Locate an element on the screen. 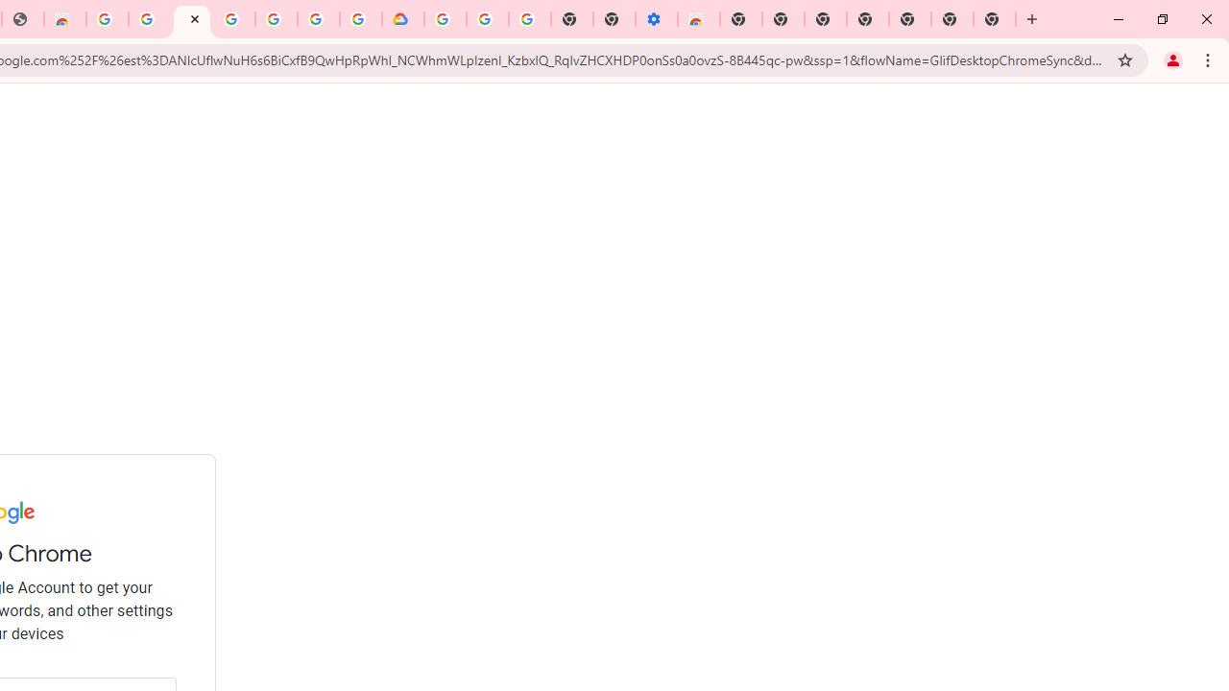 This screenshot has height=691, width=1229. 'Settings - Accessibility' is located at coordinates (657, 19).